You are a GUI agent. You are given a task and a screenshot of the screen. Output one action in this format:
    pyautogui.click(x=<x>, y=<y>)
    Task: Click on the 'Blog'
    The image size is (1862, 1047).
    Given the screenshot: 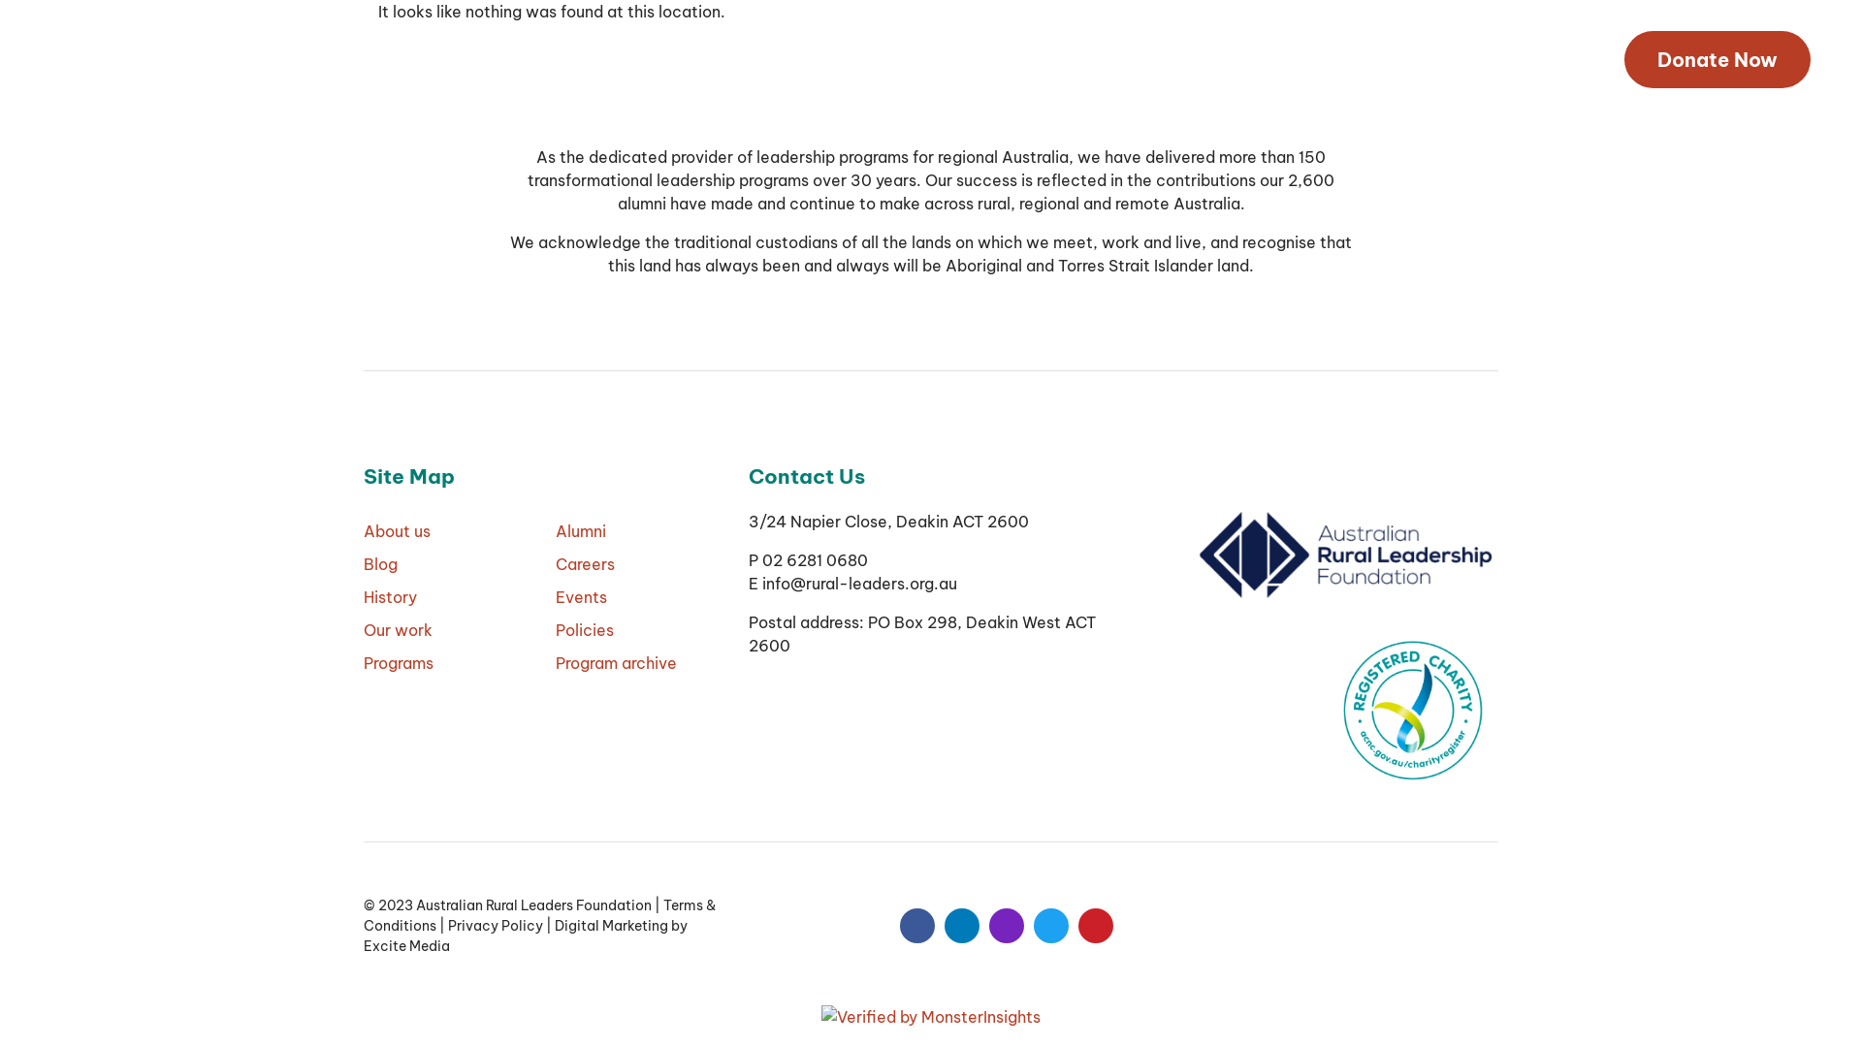 What is the action you would take?
    pyautogui.click(x=449, y=564)
    